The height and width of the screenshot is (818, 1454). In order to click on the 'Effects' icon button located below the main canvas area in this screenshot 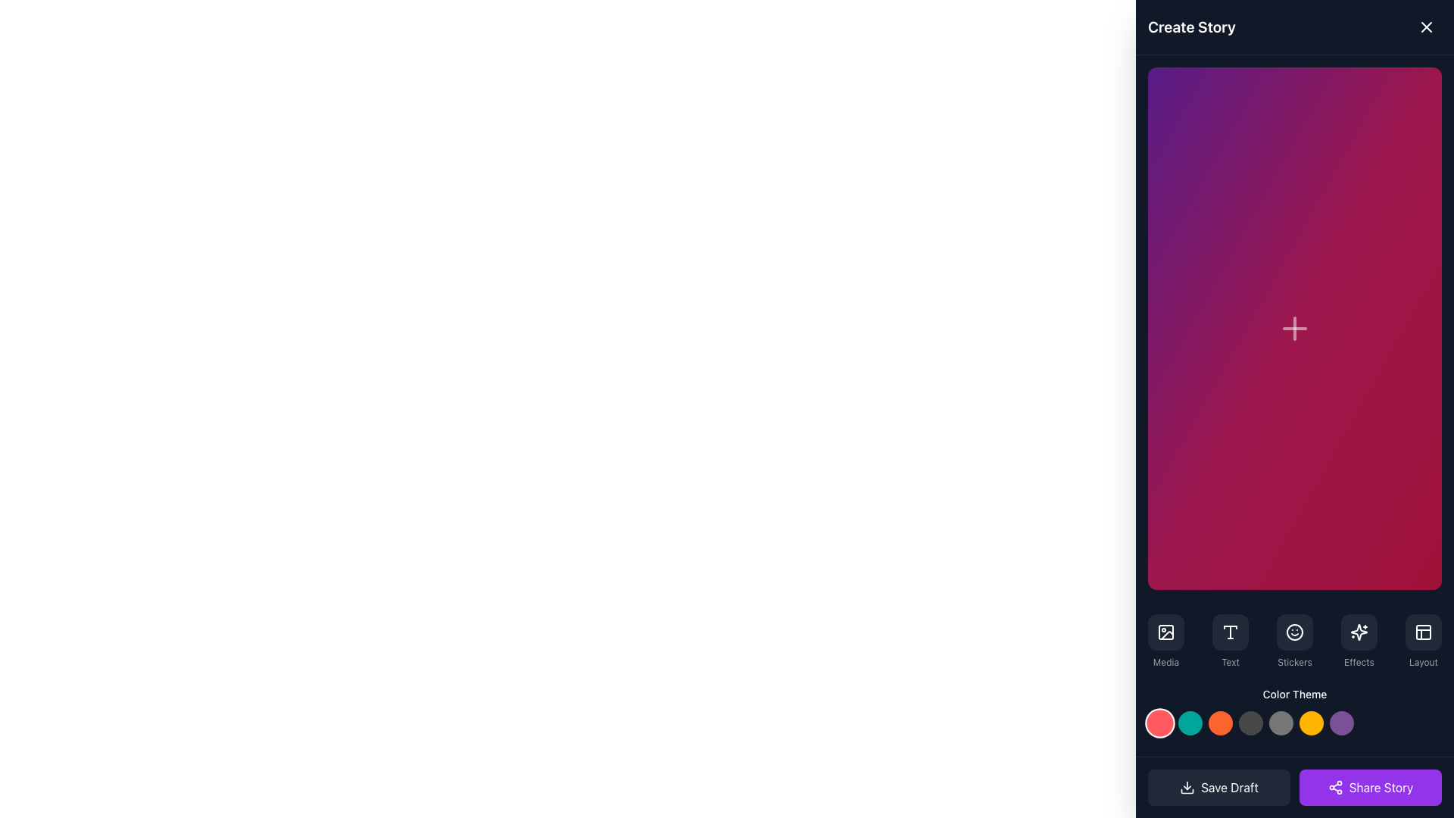, I will do `click(1359, 631)`.